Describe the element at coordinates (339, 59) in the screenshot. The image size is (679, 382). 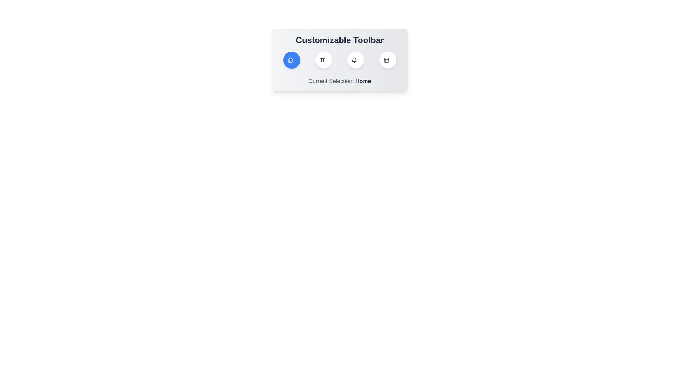
I see `the Customizable Toolbar component` at that location.